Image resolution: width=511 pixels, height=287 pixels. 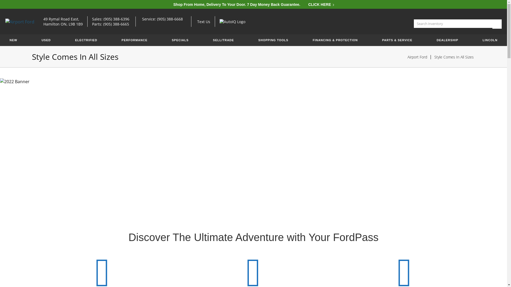 What do you see at coordinates (490, 40) in the screenshot?
I see `'LINCOLN'` at bounding box center [490, 40].